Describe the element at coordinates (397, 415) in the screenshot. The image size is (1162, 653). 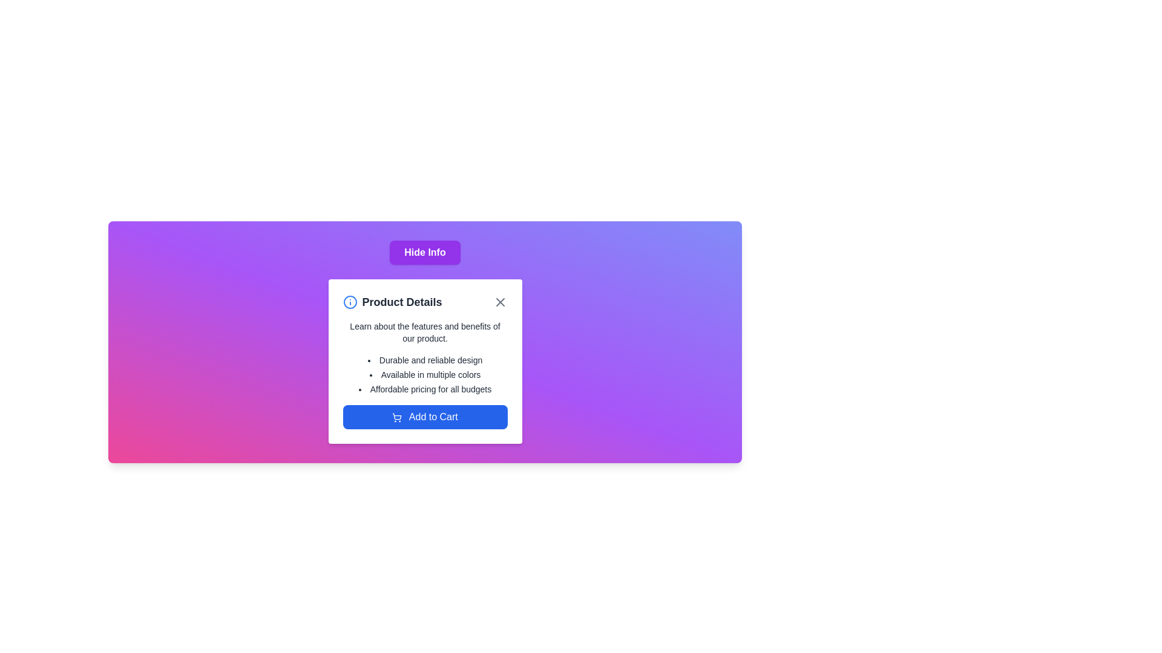
I see `the 'Add to Cart' button containing the cart-like SVG icon, which represents the action` at that location.